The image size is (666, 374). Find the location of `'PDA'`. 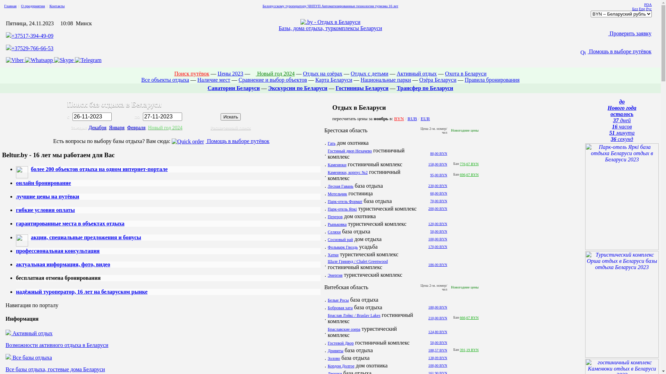

'PDA' is located at coordinates (647, 4).